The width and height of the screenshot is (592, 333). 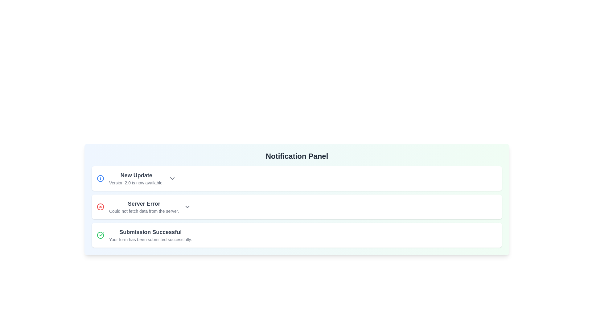 I want to click on the header element titled 'Notification Panel', which serves as a contextual title for the Notification Panel interface, so click(x=297, y=156).